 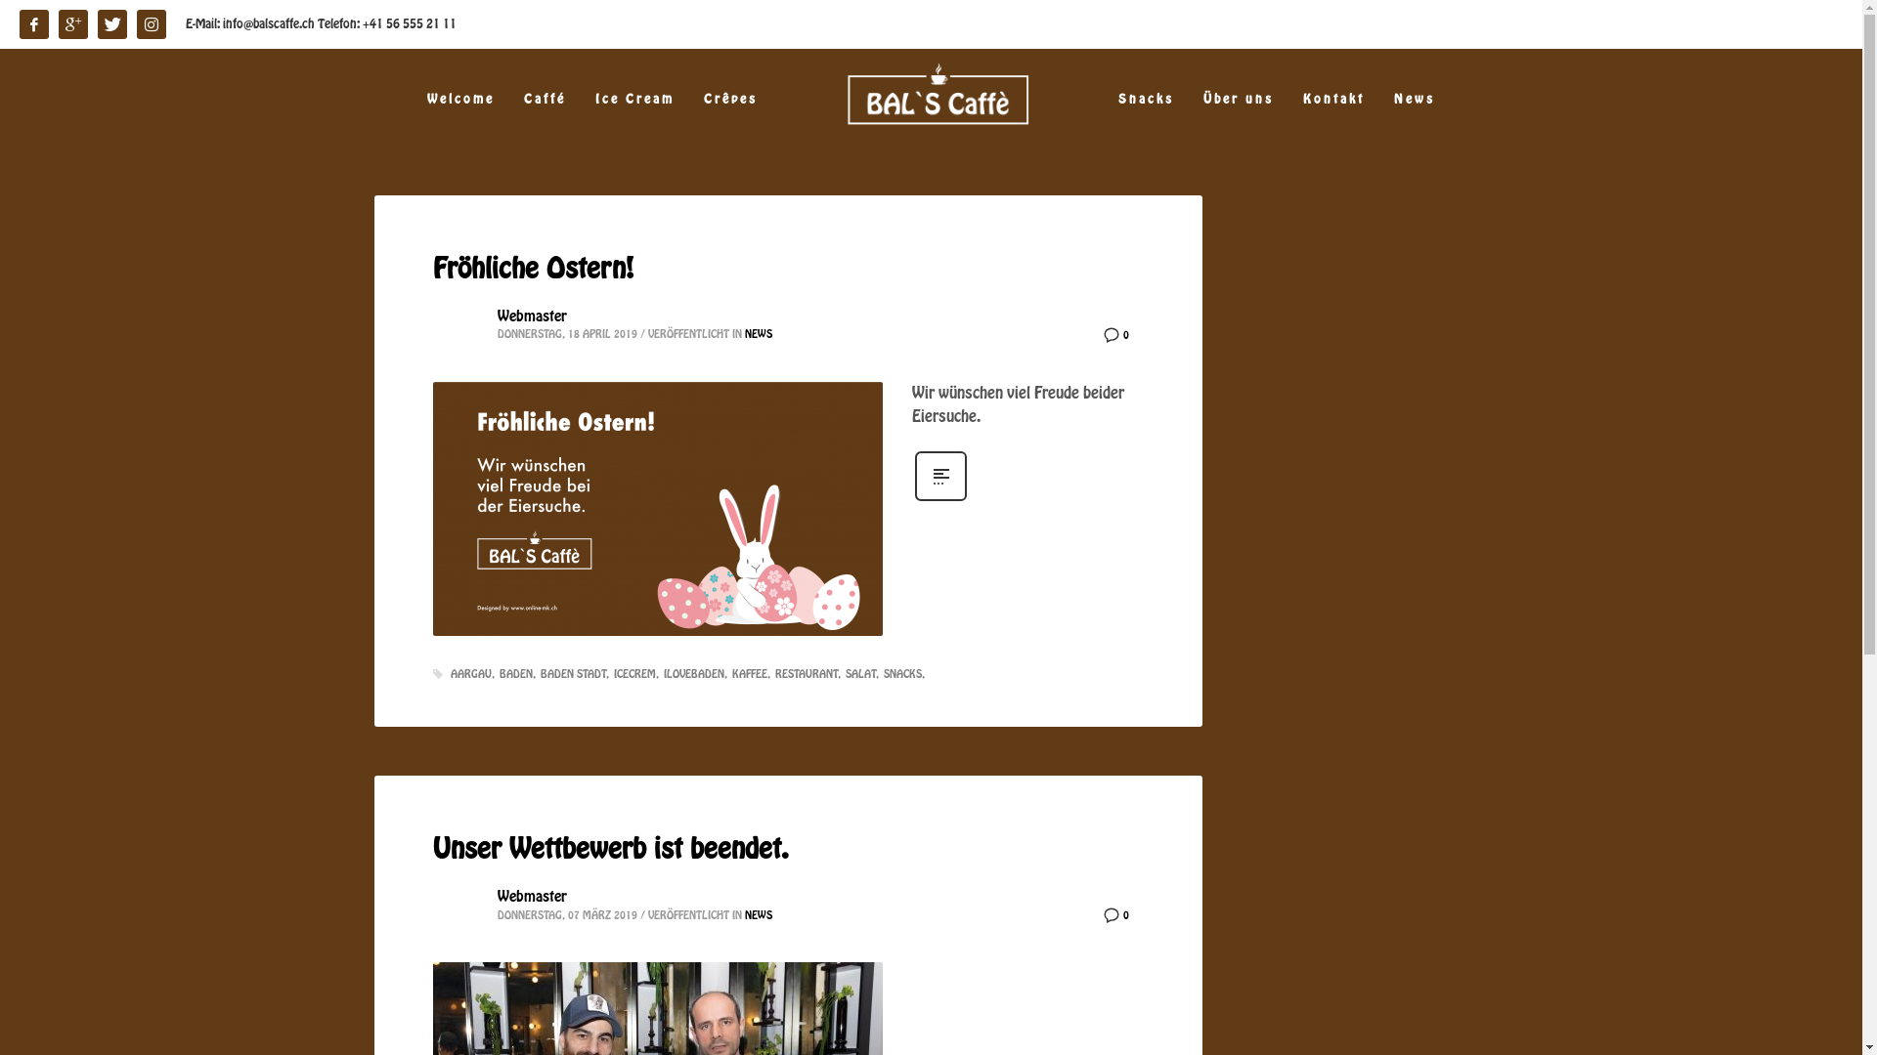 What do you see at coordinates (636, 673) in the screenshot?
I see `'ICECREM'` at bounding box center [636, 673].